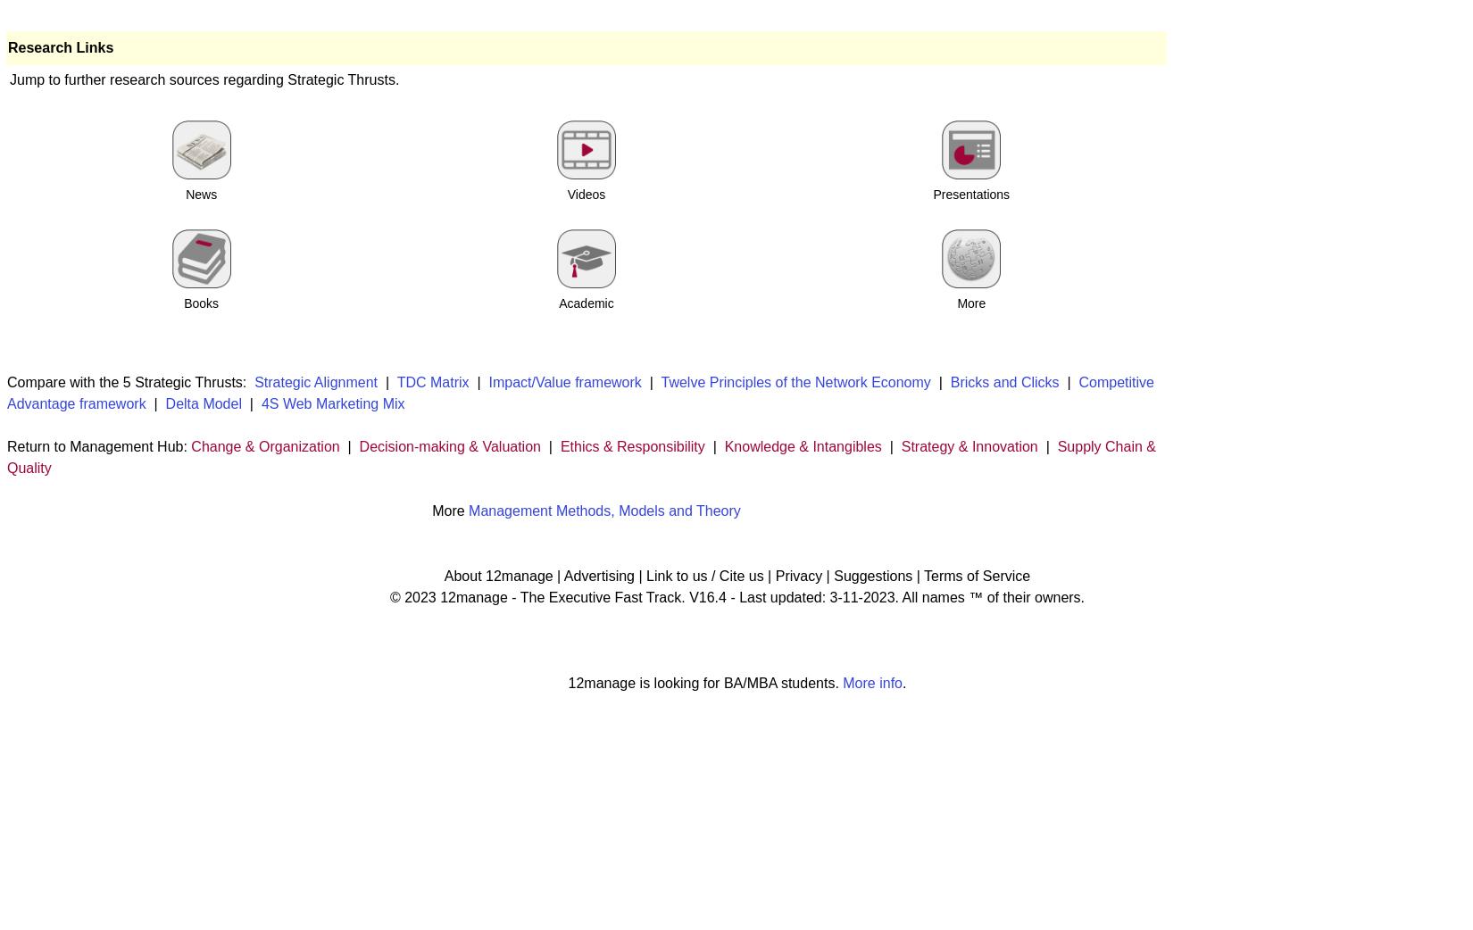 This screenshot has height=930, width=1473. I want to click on 'News', so click(201, 193).